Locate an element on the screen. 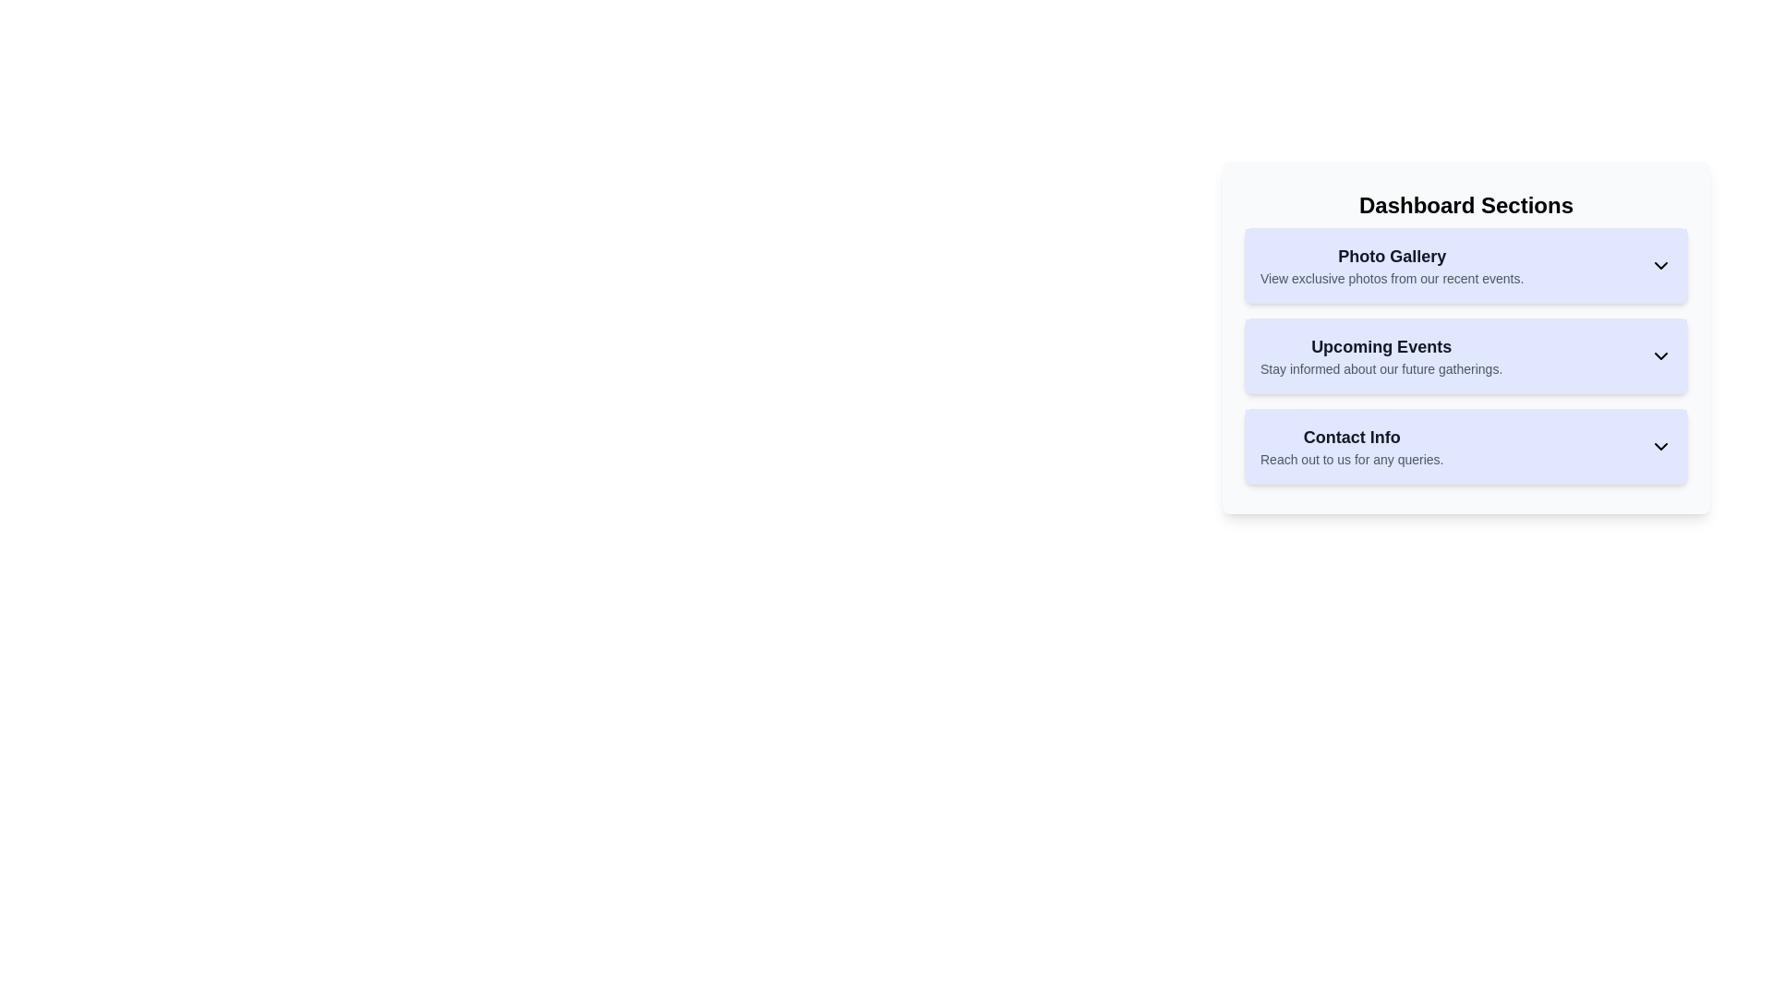 The image size is (1773, 997). the 'Upcoming Events' collapsible panel is located at coordinates (1465, 338).